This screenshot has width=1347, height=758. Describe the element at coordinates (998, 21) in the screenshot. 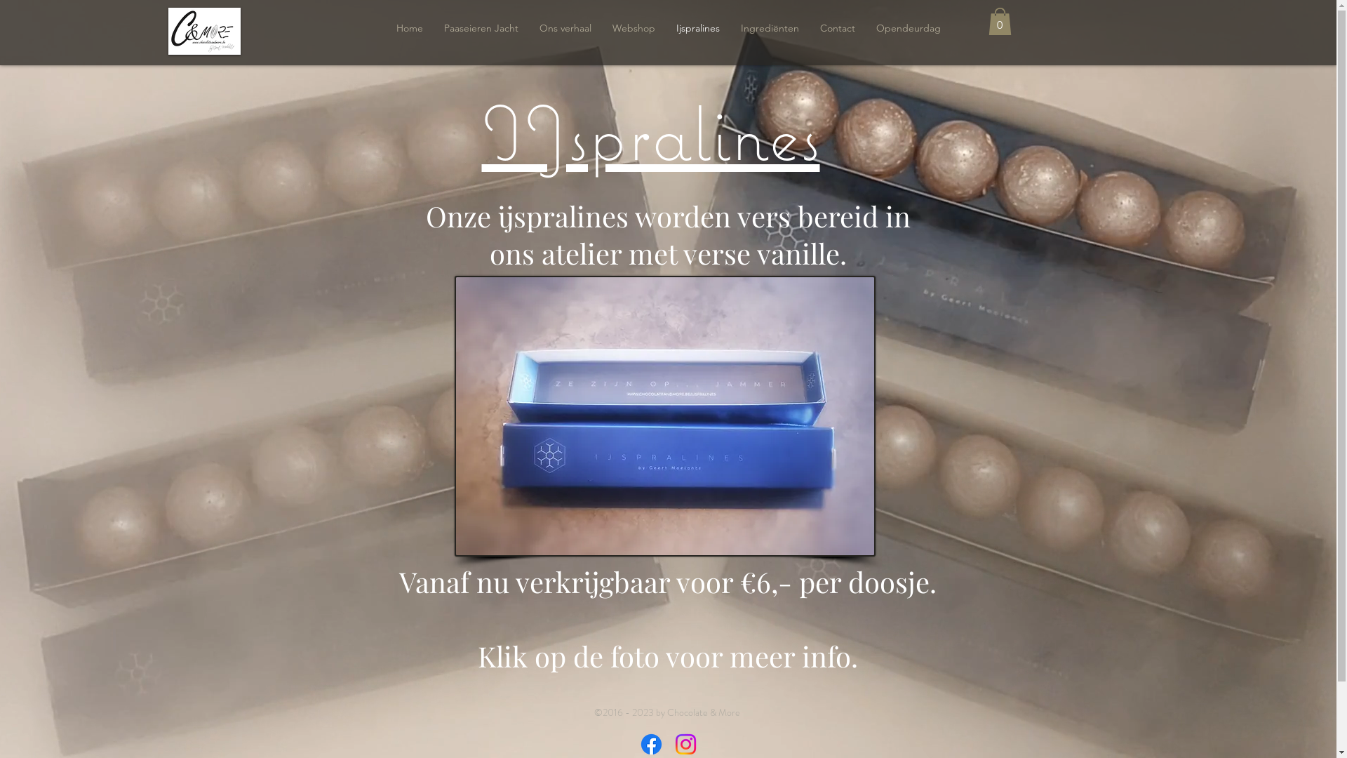

I see `'0'` at that location.